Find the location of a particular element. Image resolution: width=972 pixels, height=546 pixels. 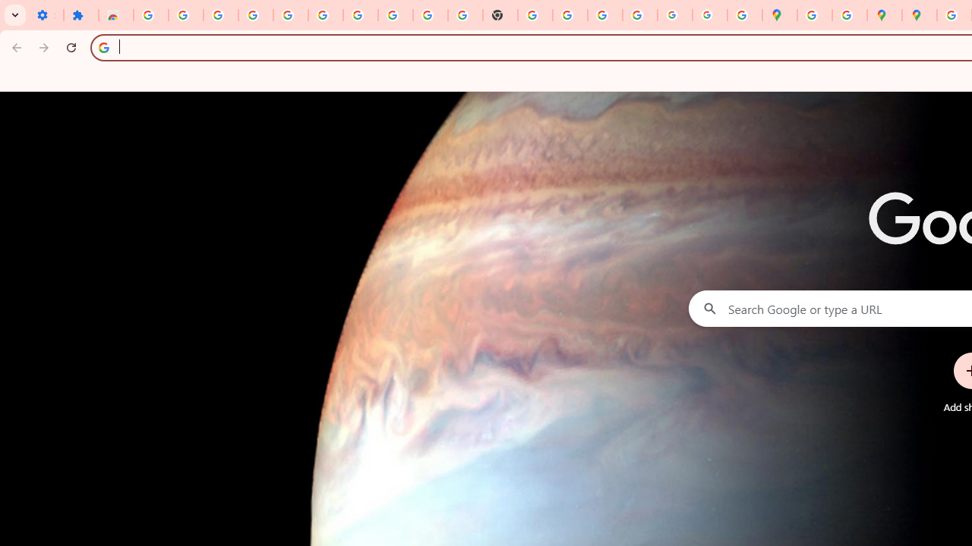

'Reload' is located at coordinates (71, 46).